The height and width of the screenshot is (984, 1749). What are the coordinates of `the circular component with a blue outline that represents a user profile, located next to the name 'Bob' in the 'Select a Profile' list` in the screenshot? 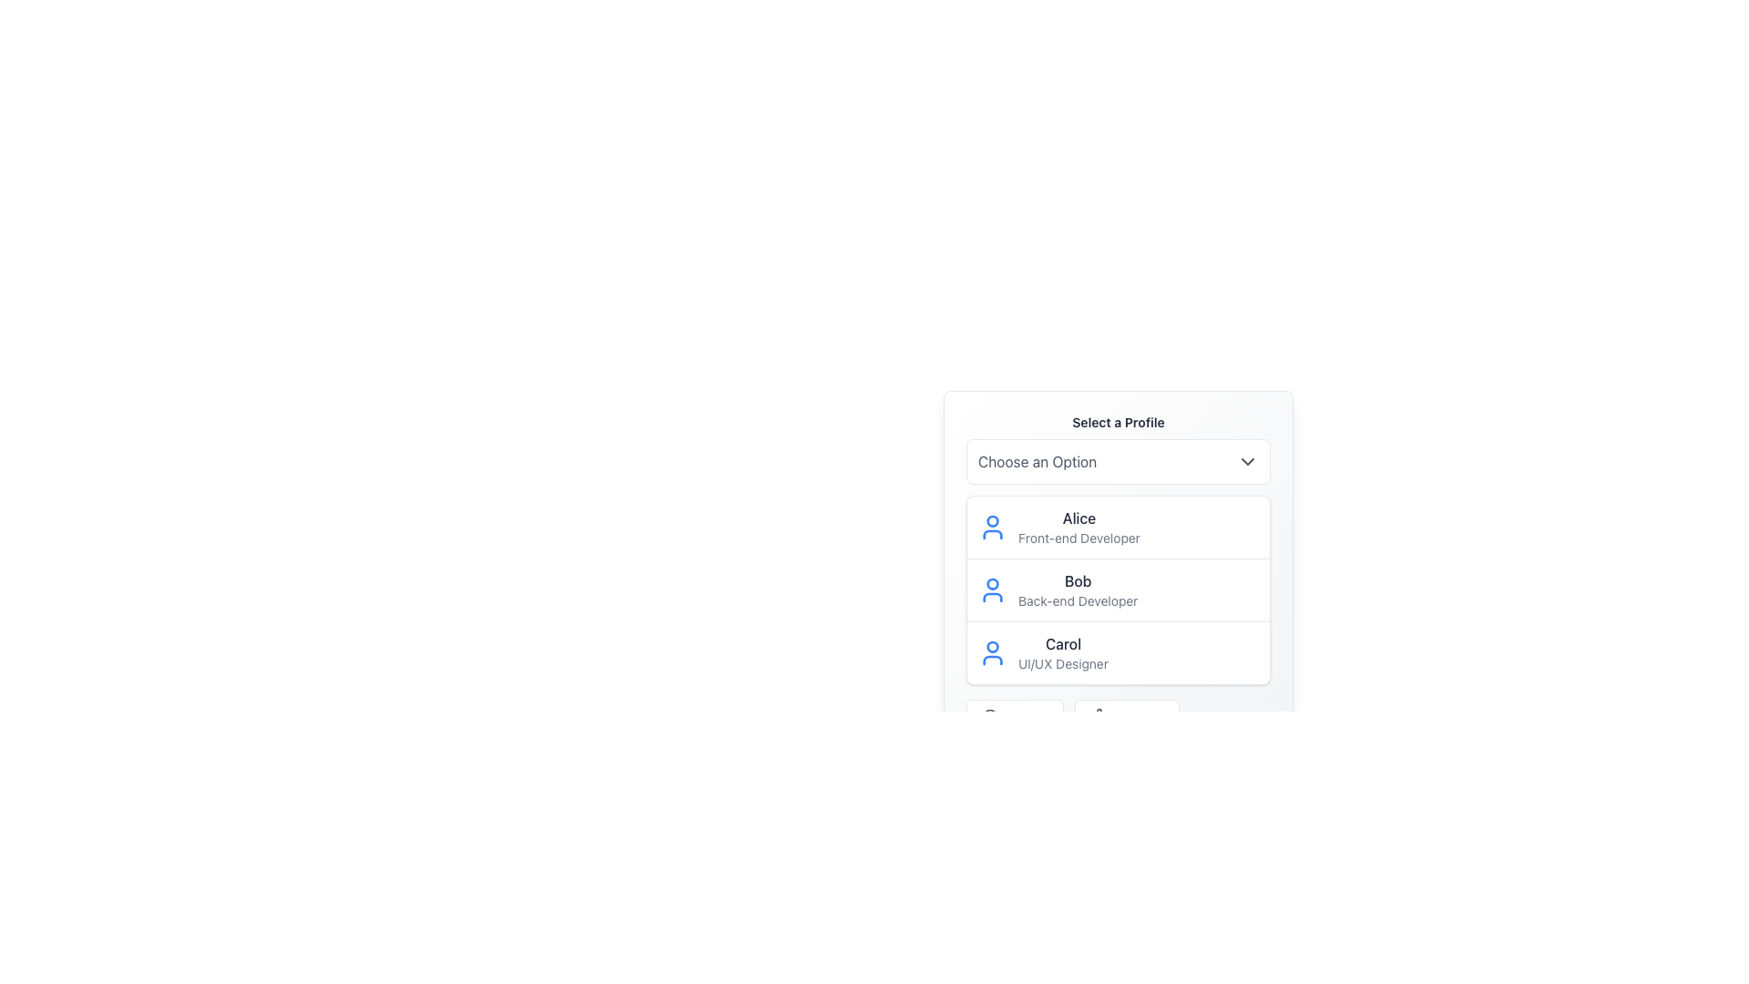 It's located at (991, 583).